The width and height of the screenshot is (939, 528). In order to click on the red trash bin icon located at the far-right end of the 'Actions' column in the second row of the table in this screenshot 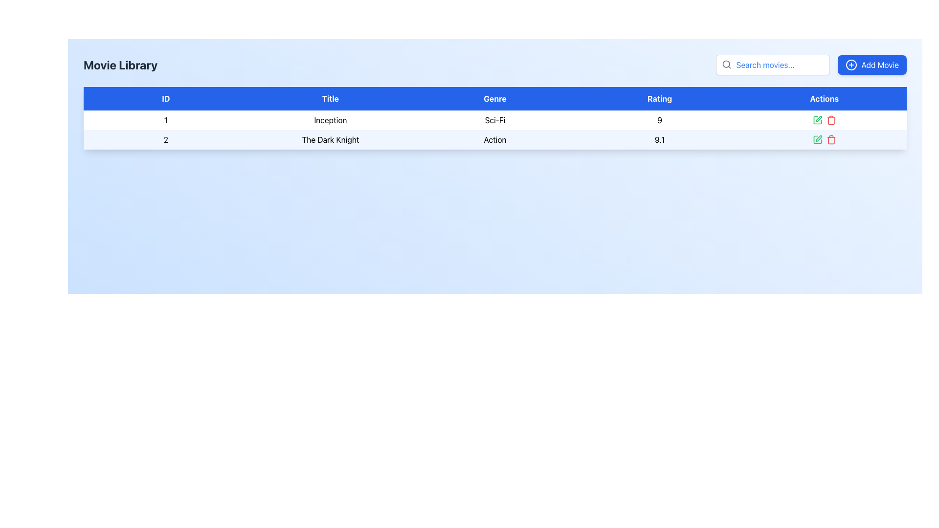, I will do `click(830, 139)`.